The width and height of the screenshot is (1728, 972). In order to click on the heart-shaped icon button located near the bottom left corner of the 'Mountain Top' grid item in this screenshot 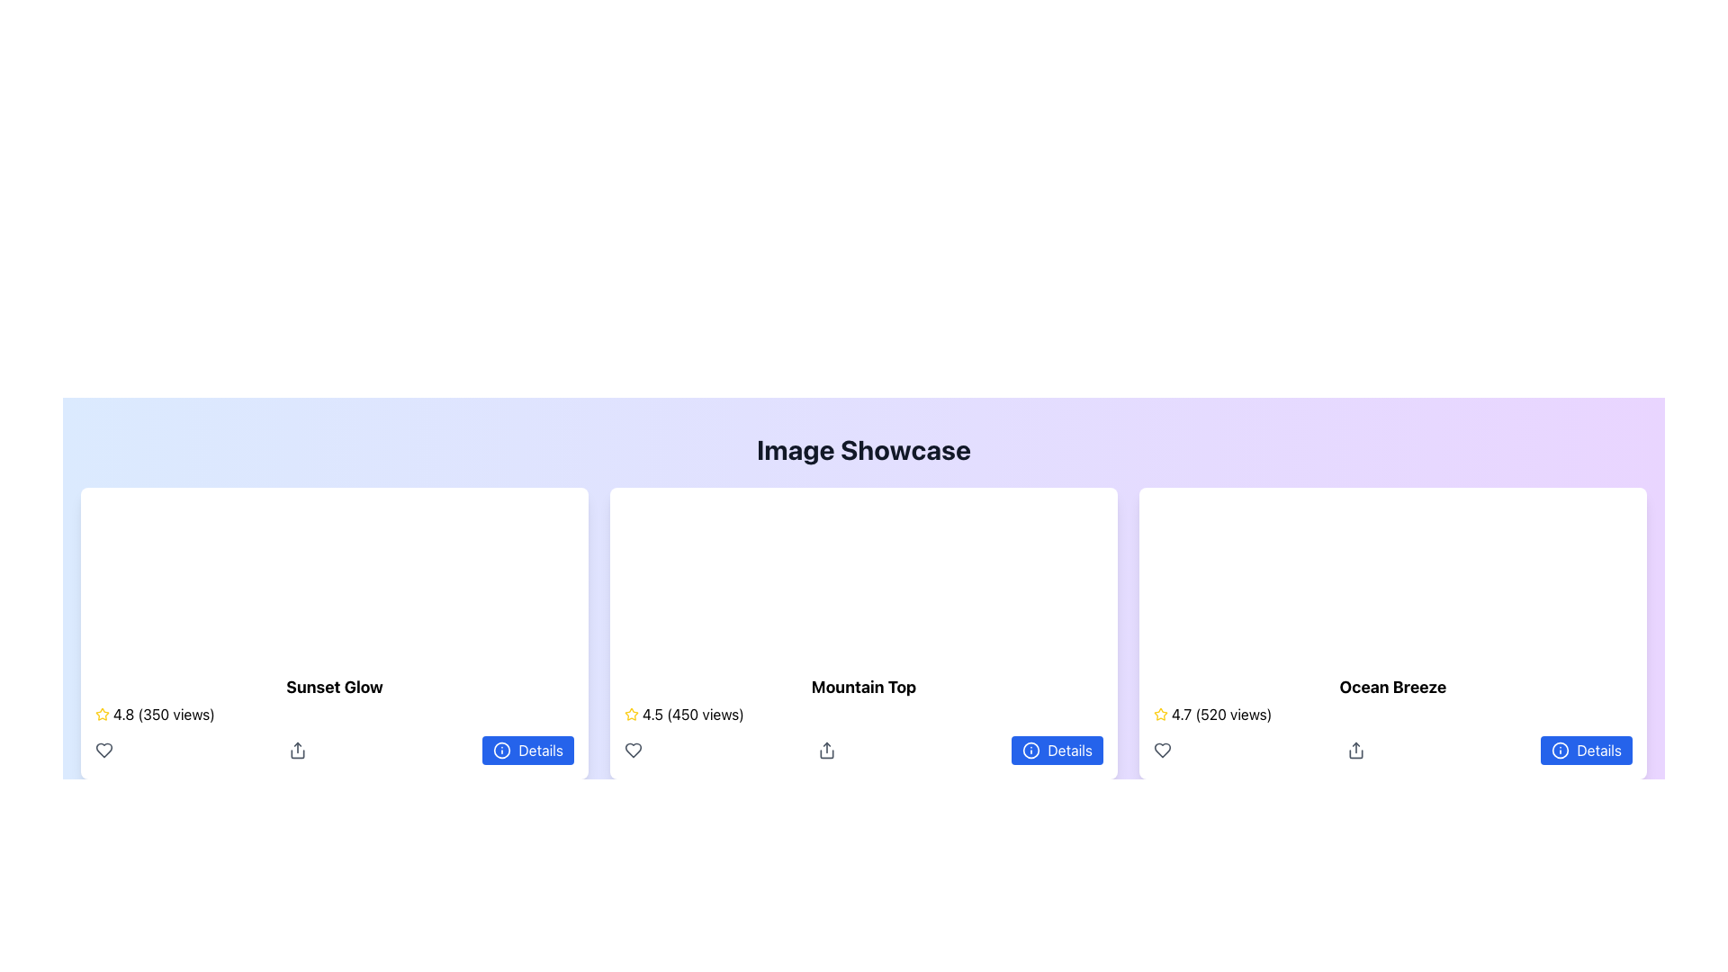, I will do `click(634, 750)`.